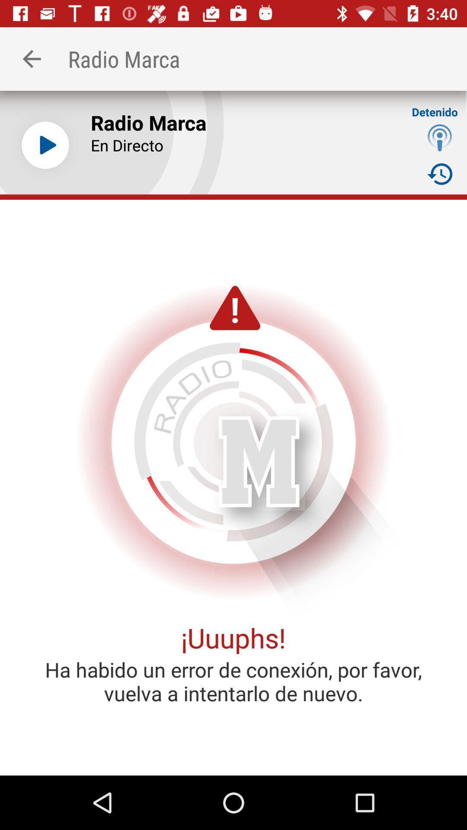 This screenshot has width=467, height=830. Describe the element at coordinates (440, 137) in the screenshot. I see `icon next to the en directo icon` at that location.